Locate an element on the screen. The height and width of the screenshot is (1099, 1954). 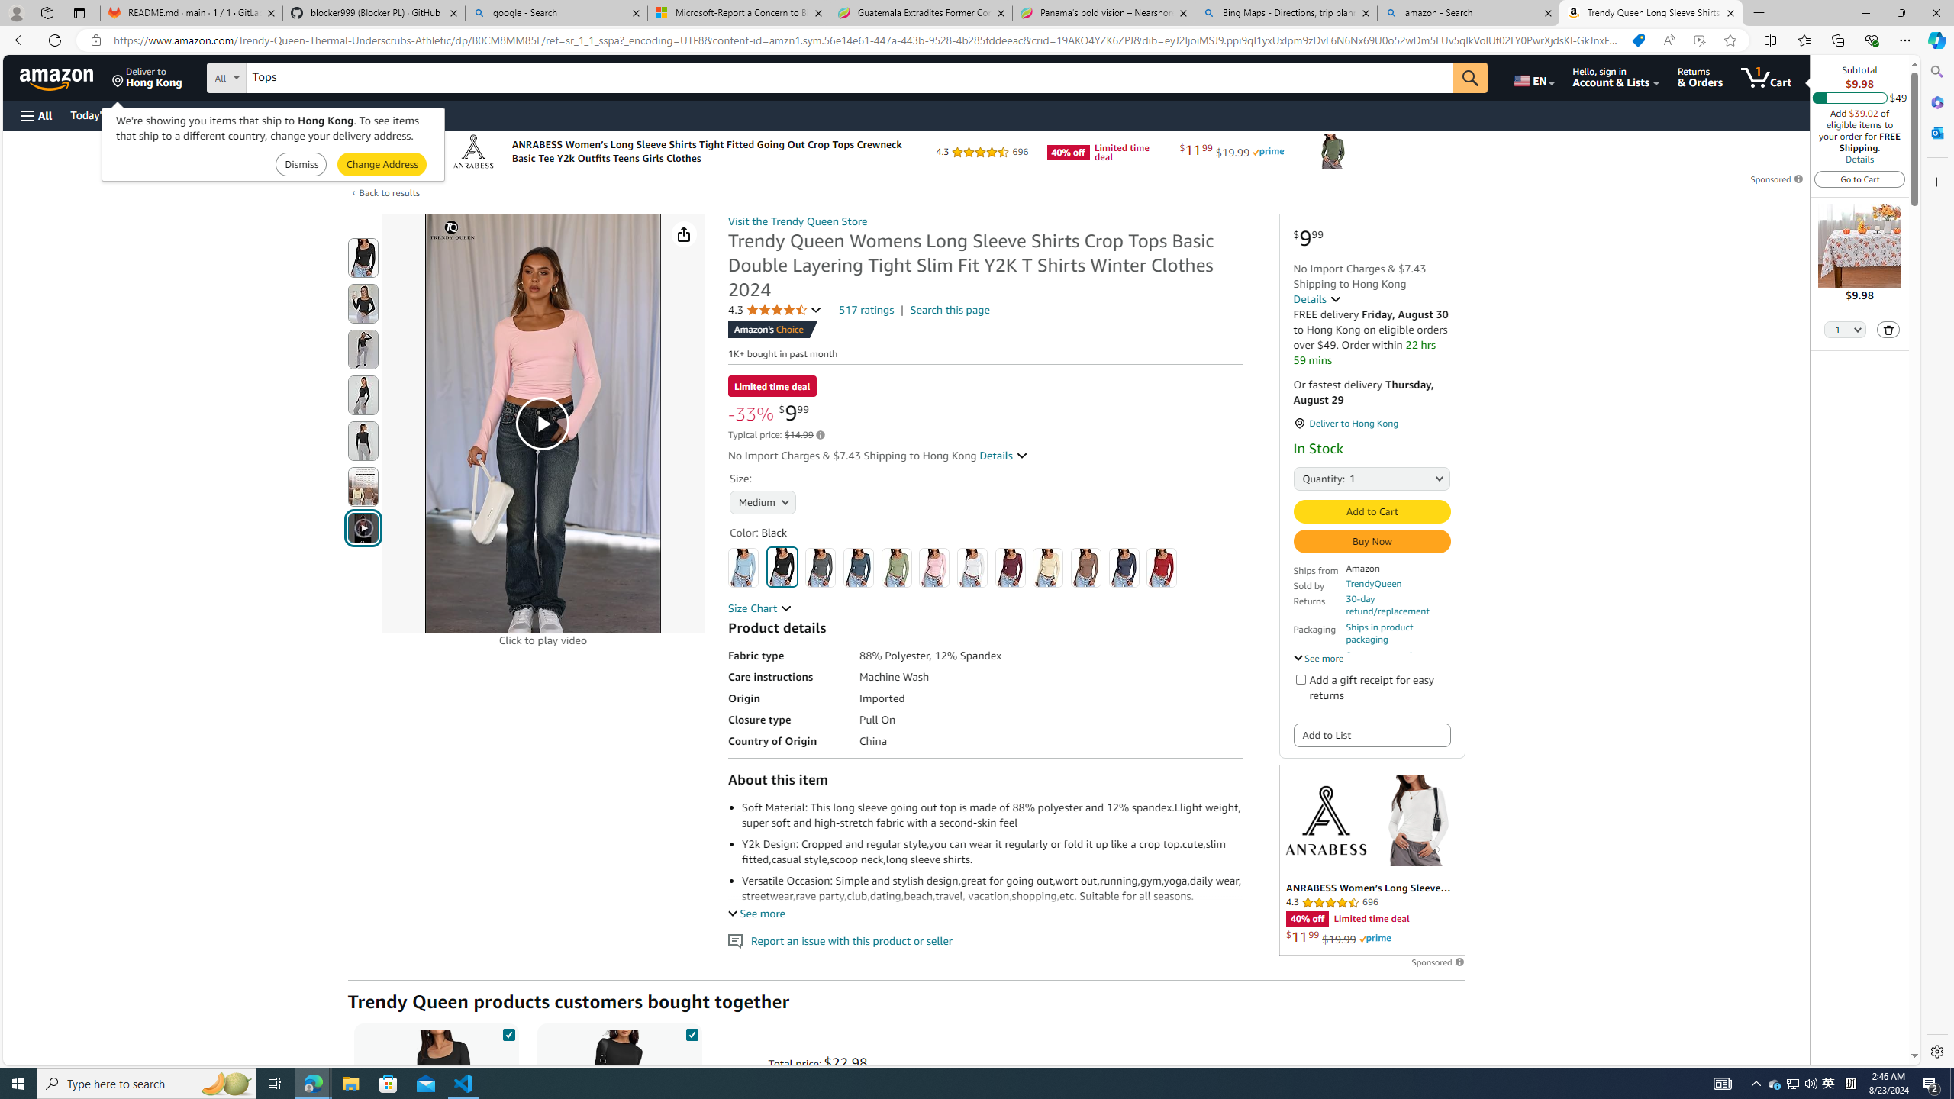
'Skip to main content' is located at coordinates (65, 76).